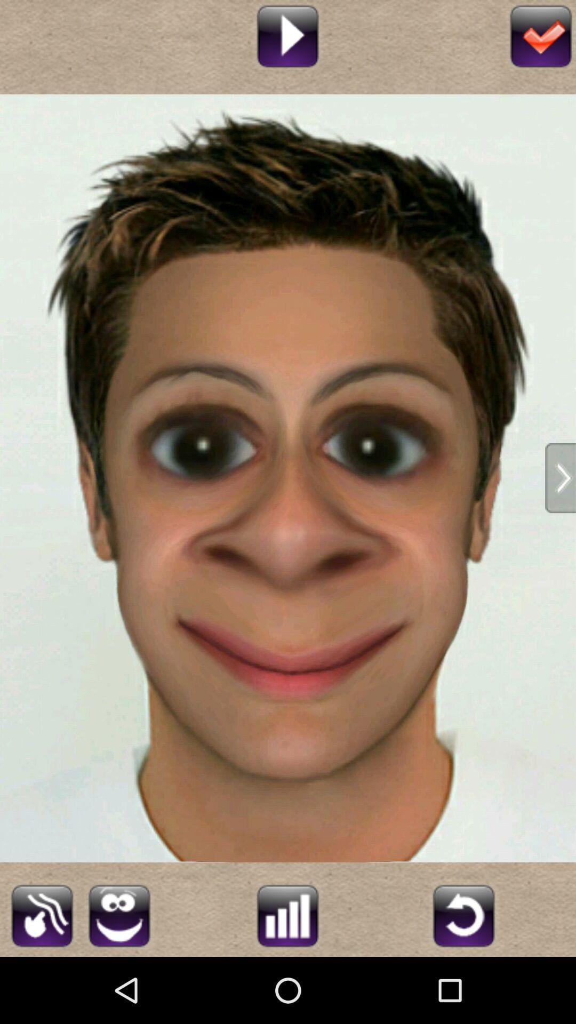 The image size is (576, 1024). What do you see at coordinates (463, 914) in the screenshot?
I see `the icon at the bottom right corner` at bounding box center [463, 914].